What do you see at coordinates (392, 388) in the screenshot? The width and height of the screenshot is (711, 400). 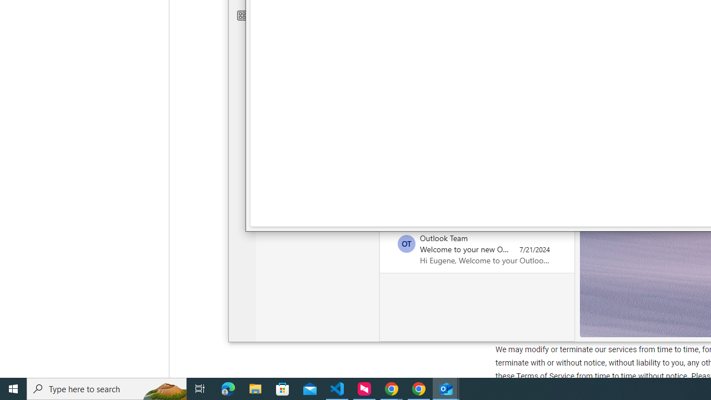 I see `'Google Chrome - 2 running windows'` at bounding box center [392, 388].